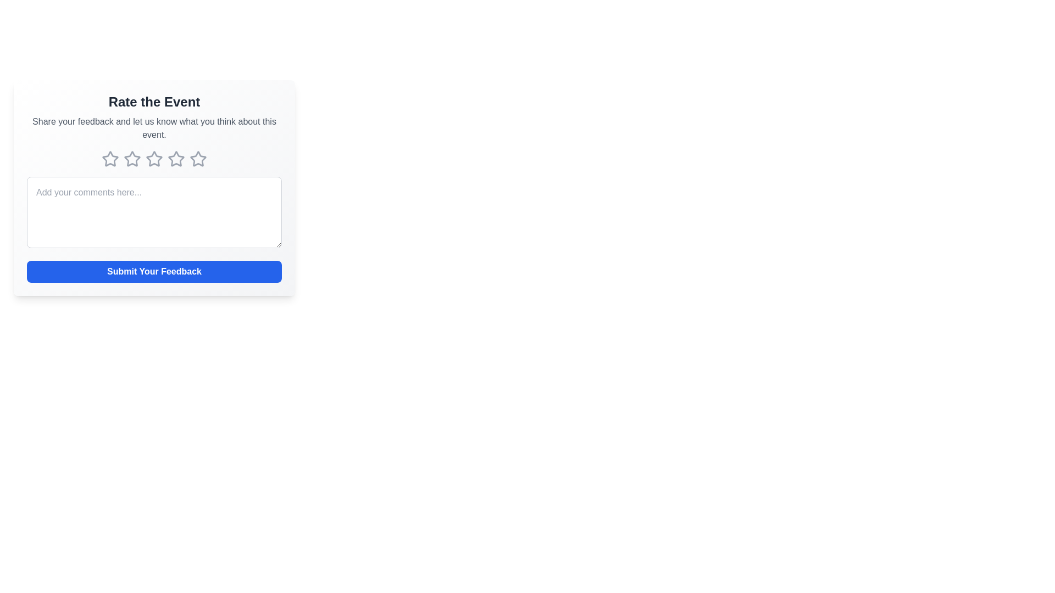 The height and width of the screenshot is (593, 1055). What do you see at coordinates (198, 159) in the screenshot?
I see `the fifth star-shaped icon in the rating system` at bounding box center [198, 159].